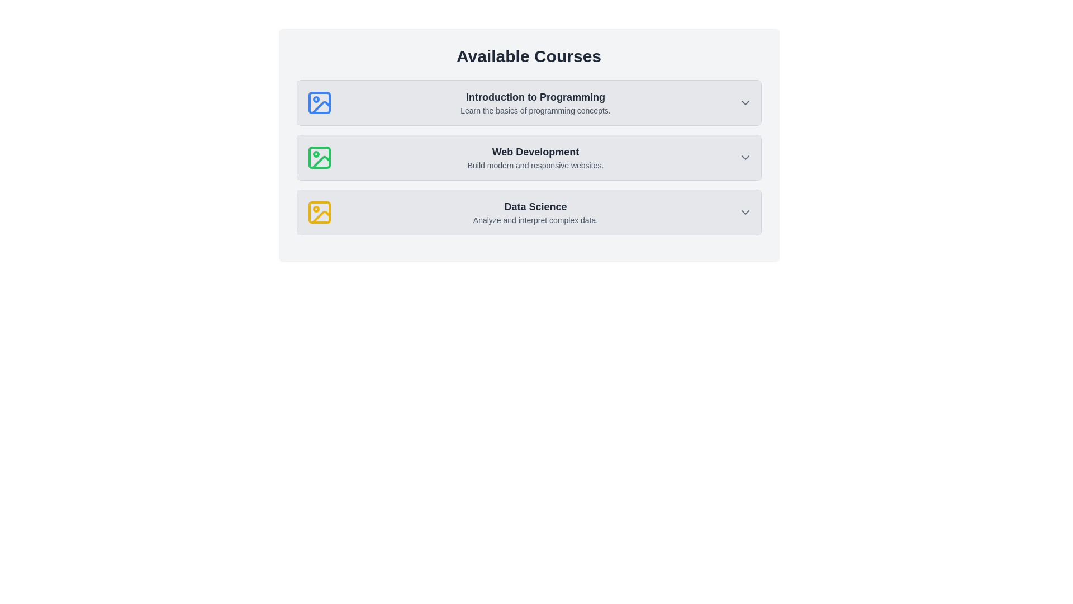  I want to click on the chevron icon on the far right of the 'Web Development' section, so click(745, 157).